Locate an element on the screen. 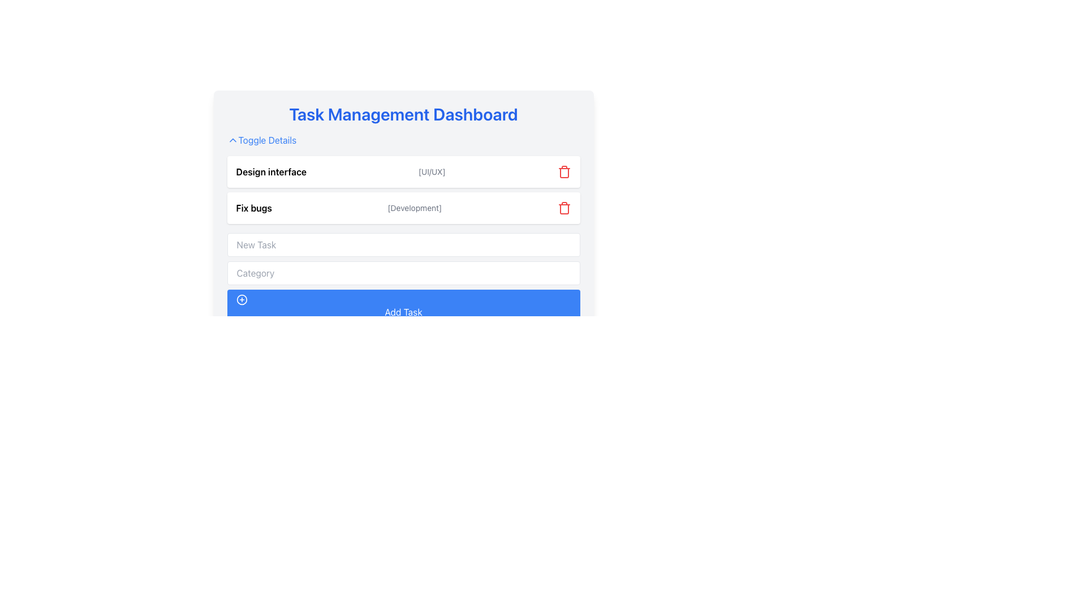  the bold static text displaying 'Fix bugs' within the 'Fix bugs[Development]' section, which serves as the title of the task is located at coordinates (253, 208).